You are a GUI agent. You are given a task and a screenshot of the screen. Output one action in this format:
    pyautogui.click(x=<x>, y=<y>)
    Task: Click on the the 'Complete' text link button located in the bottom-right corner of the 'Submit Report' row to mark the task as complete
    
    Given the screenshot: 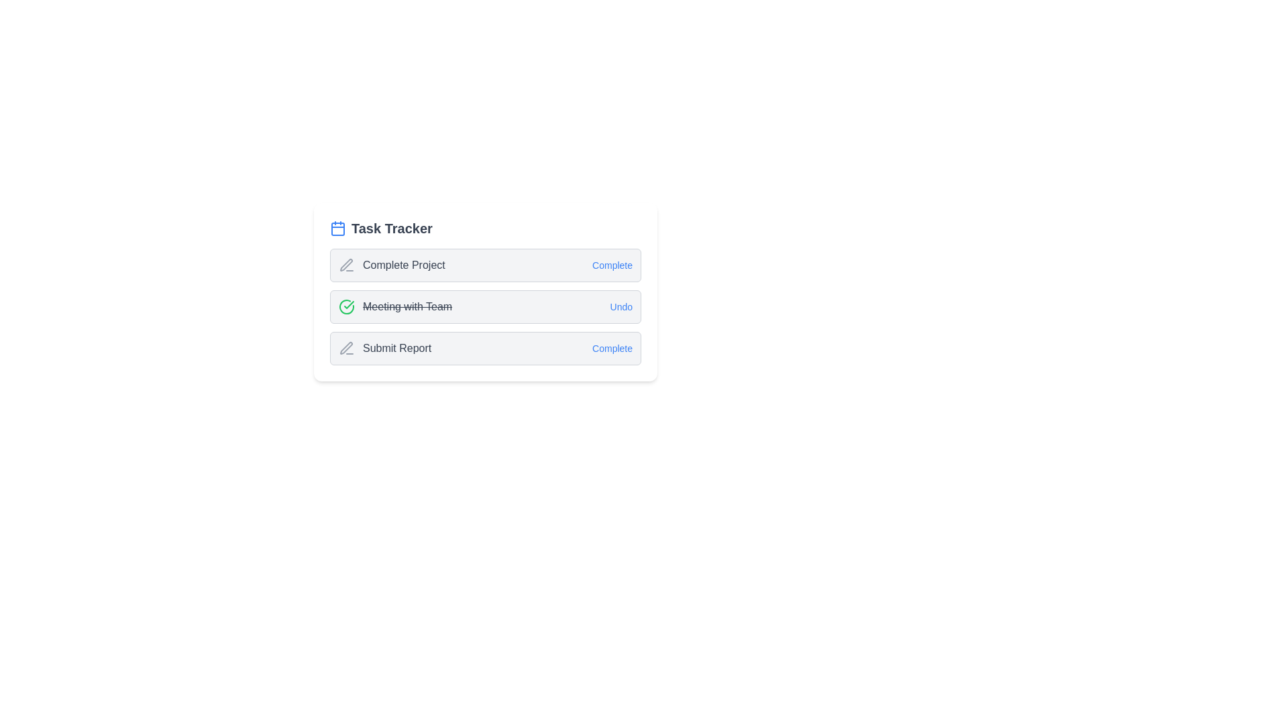 What is the action you would take?
    pyautogui.click(x=611, y=348)
    